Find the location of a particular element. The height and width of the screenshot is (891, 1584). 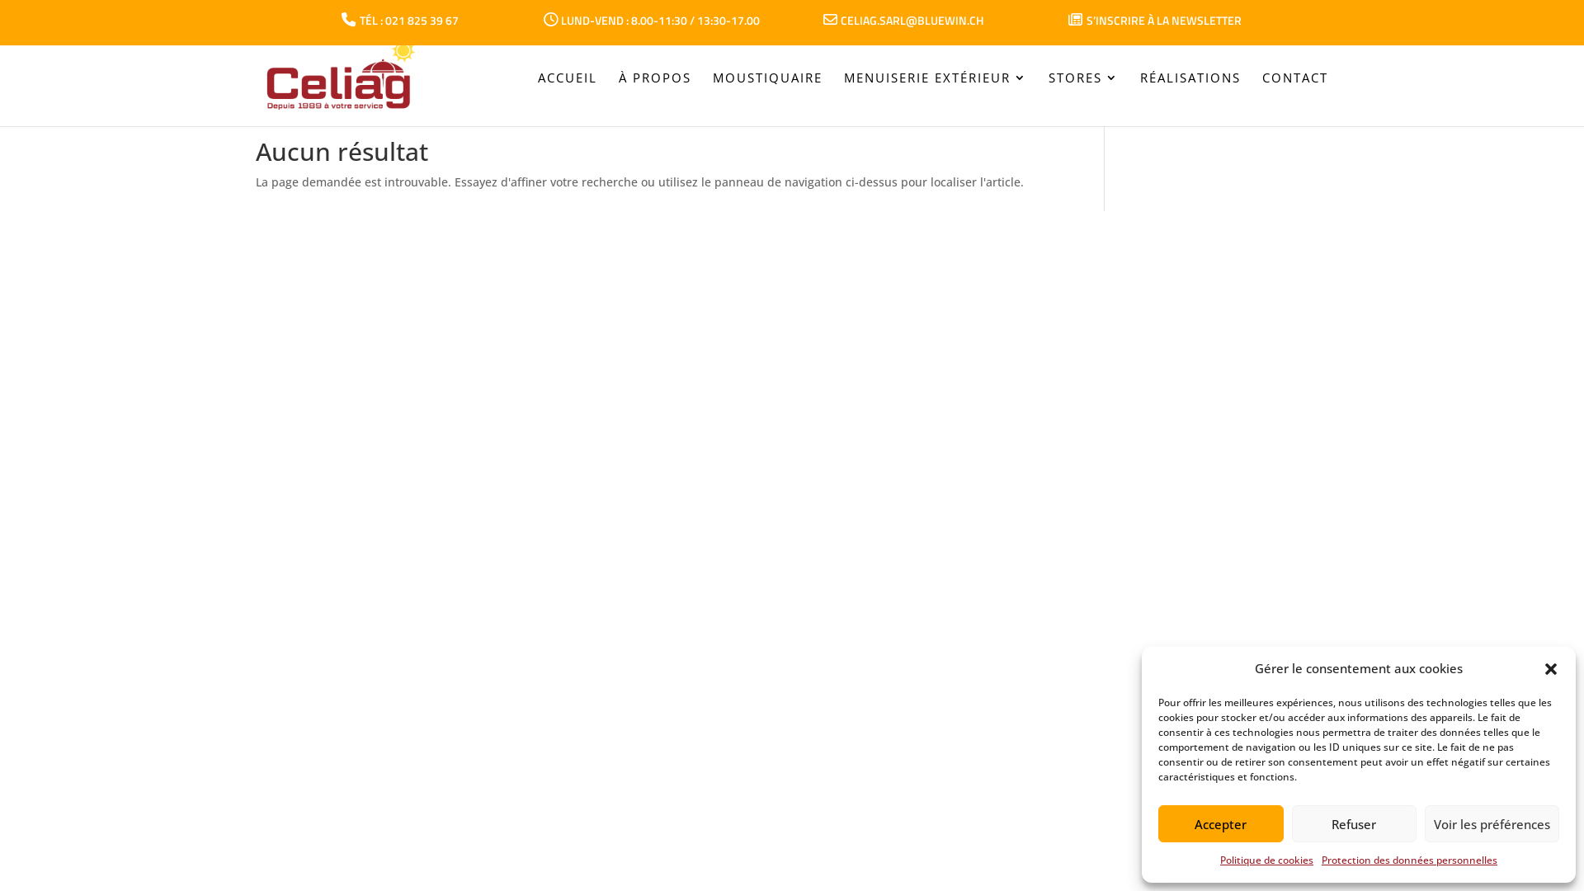

'MOUSTIQUAIRE' is located at coordinates (766, 101).